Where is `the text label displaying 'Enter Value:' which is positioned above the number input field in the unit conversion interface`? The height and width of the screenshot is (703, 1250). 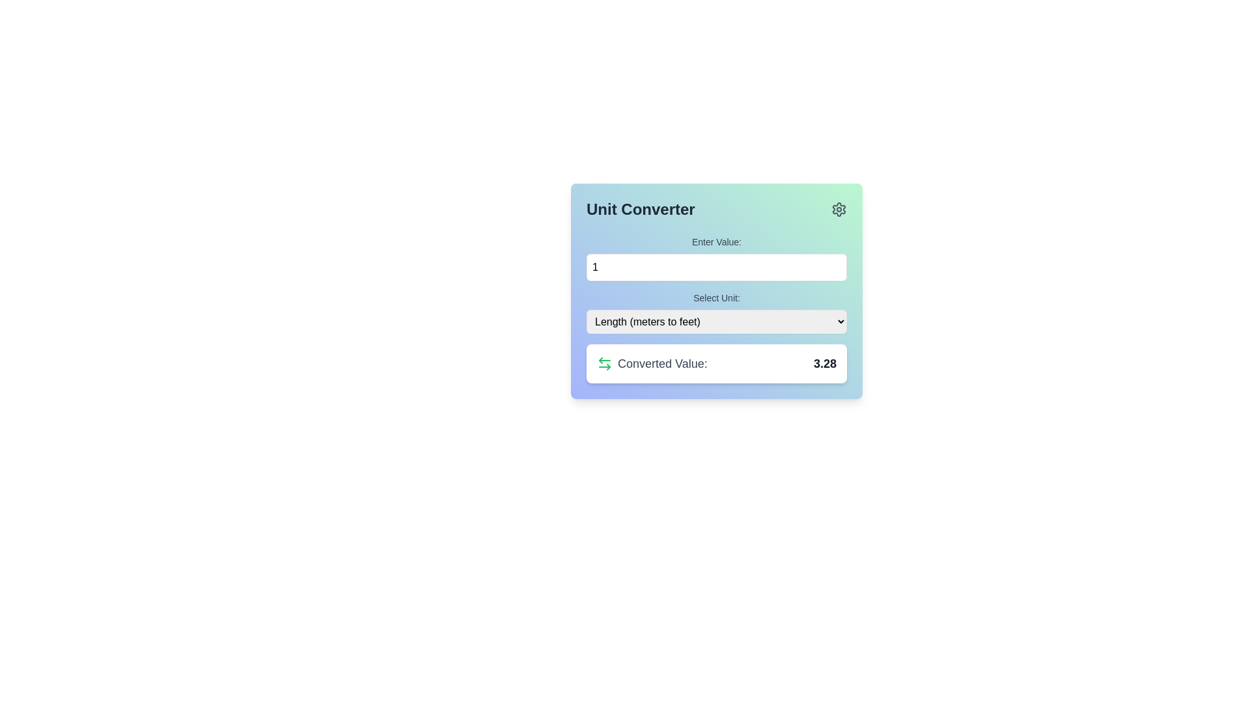
the text label displaying 'Enter Value:' which is positioned above the number input field in the unit conversion interface is located at coordinates (715, 241).